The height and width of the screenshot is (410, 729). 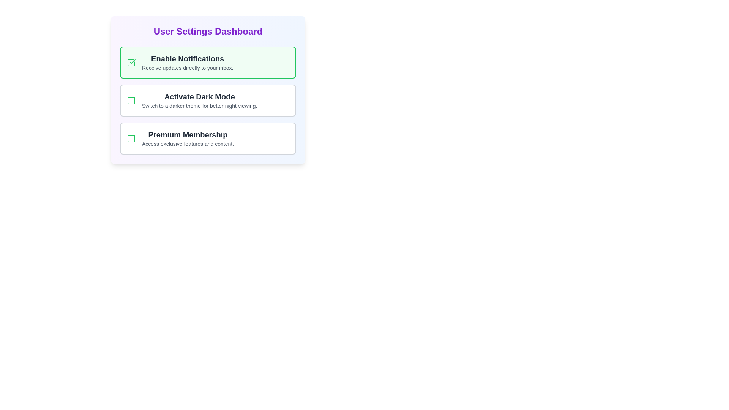 What do you see at coordinates (188, 143) in the screenshot?
I see `the descriptive text label for the 'Premium Membership' option, which is located below the main 'Premium Membership' text, providing additional information about its benefits` at bounding box center [188, 143].